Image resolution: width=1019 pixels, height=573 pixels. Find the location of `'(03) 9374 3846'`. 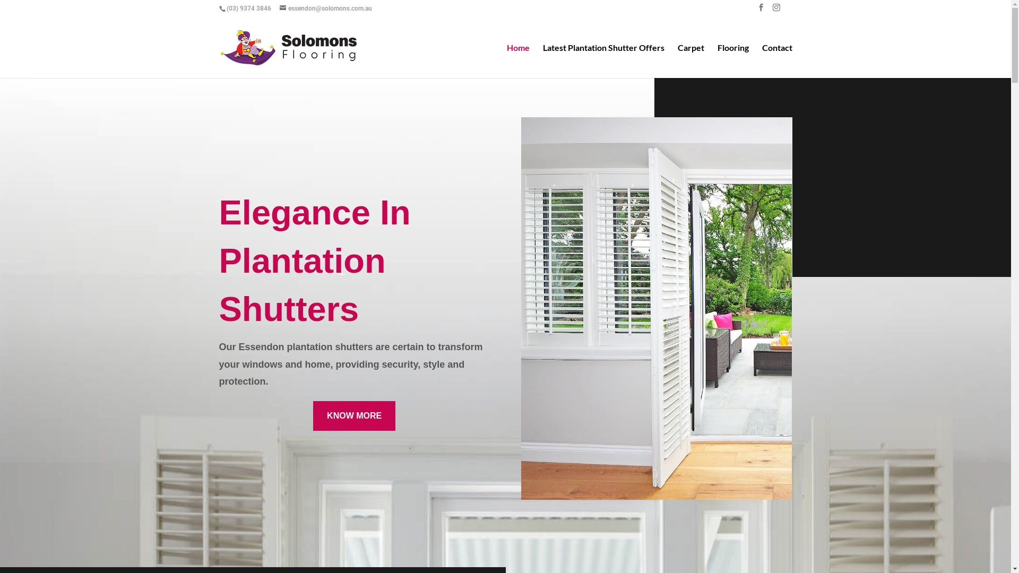

'(03) 9374 3846' is located at coordinates (247, 8).